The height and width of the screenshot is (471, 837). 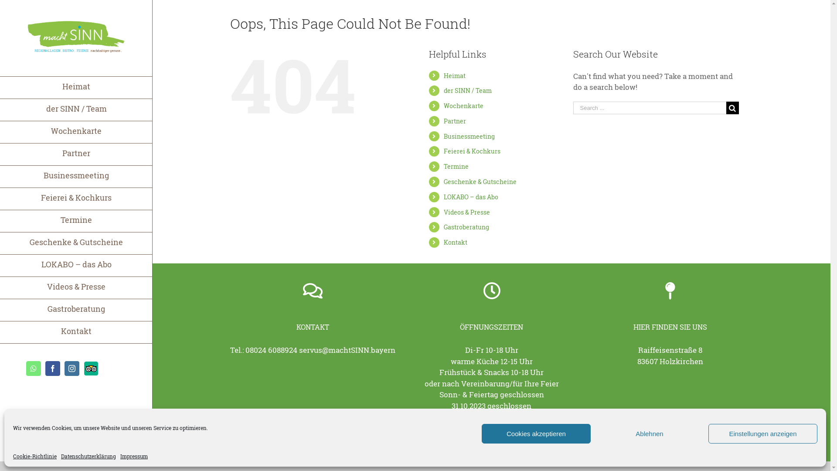 What do you see at coordinates (649, 433) in the screenshot?
I see `'Ablehnen'` at bounding box center [649, 433].